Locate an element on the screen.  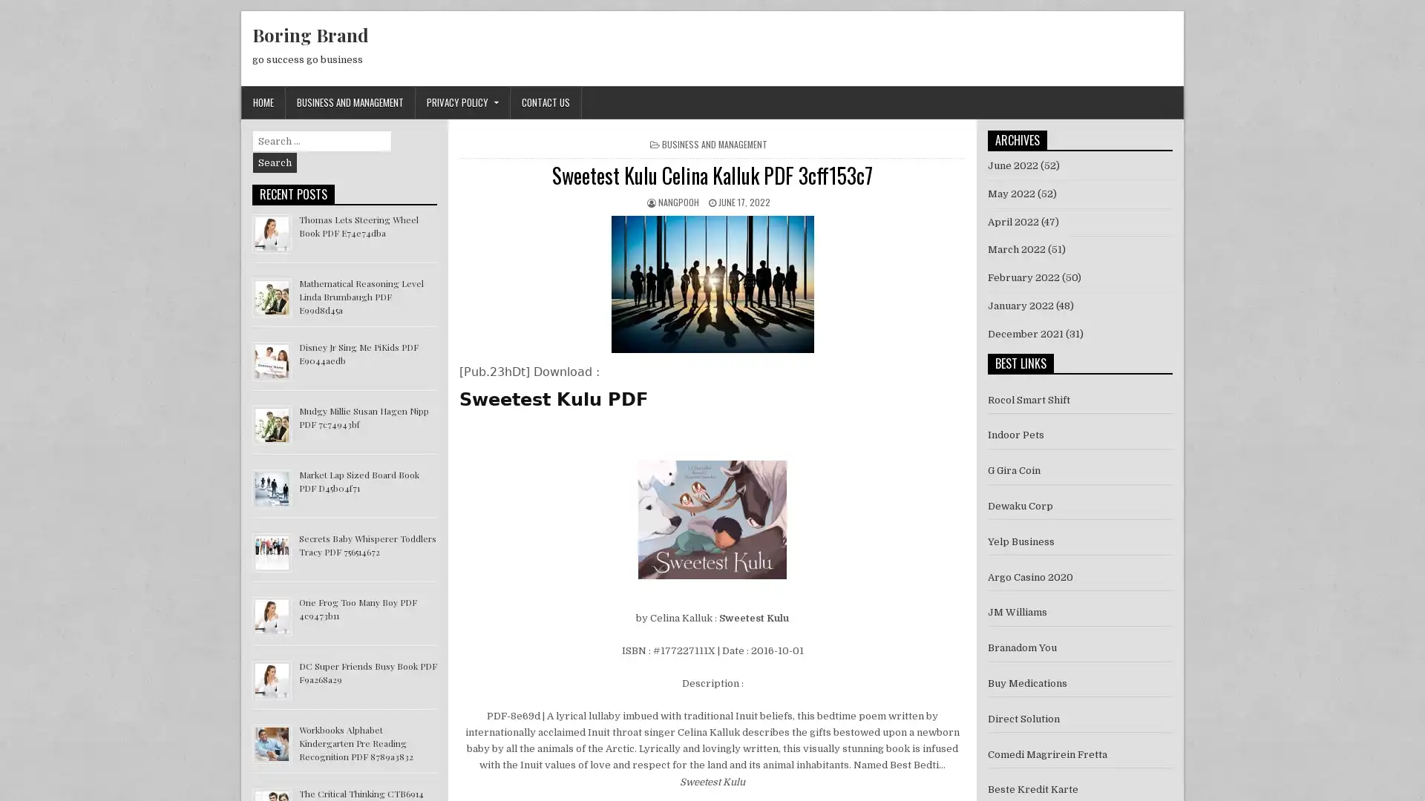
Search is located at coordinates (275, 162).